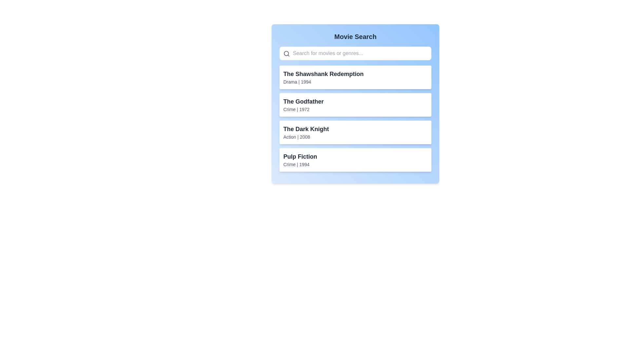 This screenshot has width=629, height=354. Describe the element at coordinates (323, 77) in the screenshot. I see `the static informational text section displaying 'The Shawshank Redemption' and its subtitle 'Drama | 1994'` at that location.